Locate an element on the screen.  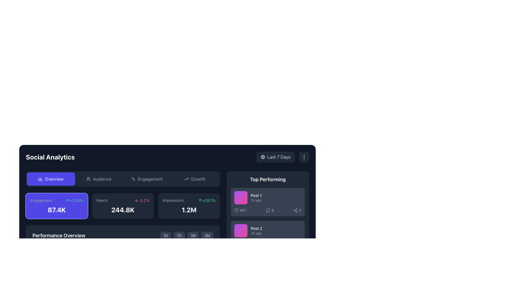
the 'Reach' text label, which is a small, gray font element located at the top-left corner of a group containing the value '-3.2%' and a downward arrow icon in the analytics section is located at coordinates (102, 200).